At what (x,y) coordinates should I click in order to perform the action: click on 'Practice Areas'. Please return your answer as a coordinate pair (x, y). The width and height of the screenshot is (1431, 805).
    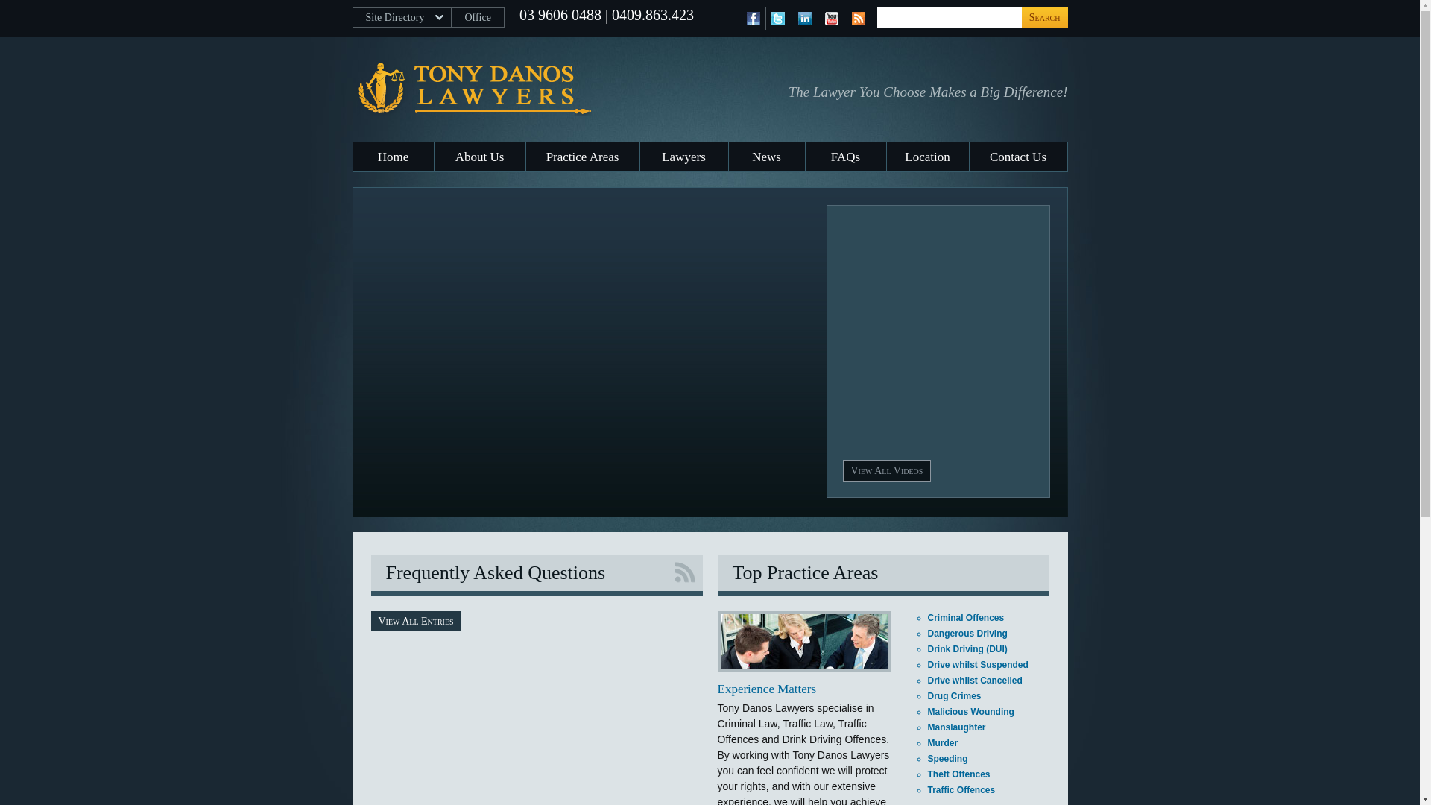
    Looking at the image, I should click on (525, 157).